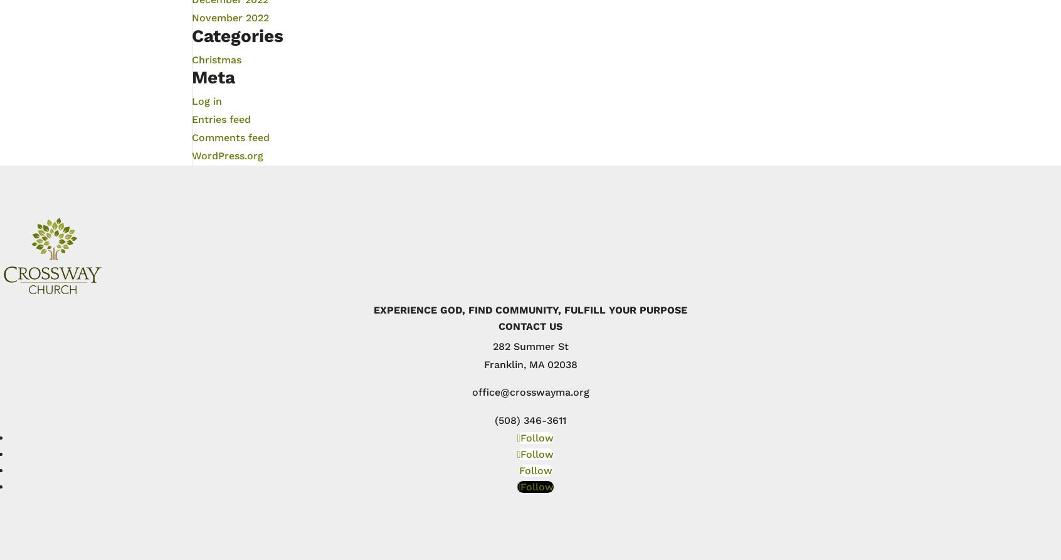  Describe the element at coordinates (206, 100) in the screenshot. I see `'Log in'` at that location.